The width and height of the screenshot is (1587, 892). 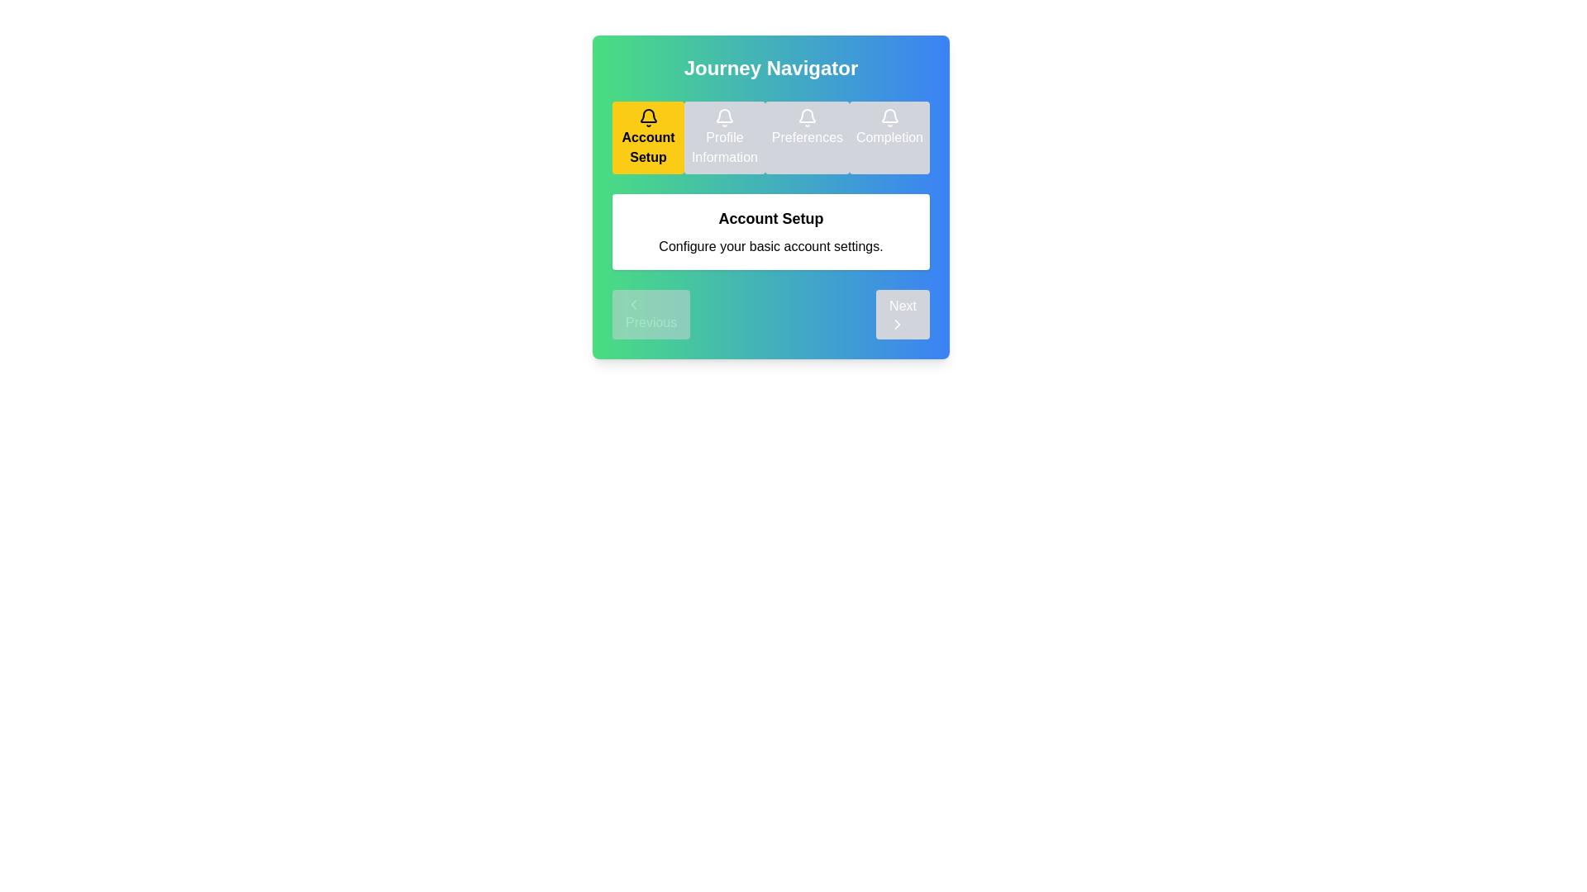 What do you see at coordinates (901, 315) in the screenshot?
I see `the 'Next' button to navigate to the next step` at bounding box center [901, 315].